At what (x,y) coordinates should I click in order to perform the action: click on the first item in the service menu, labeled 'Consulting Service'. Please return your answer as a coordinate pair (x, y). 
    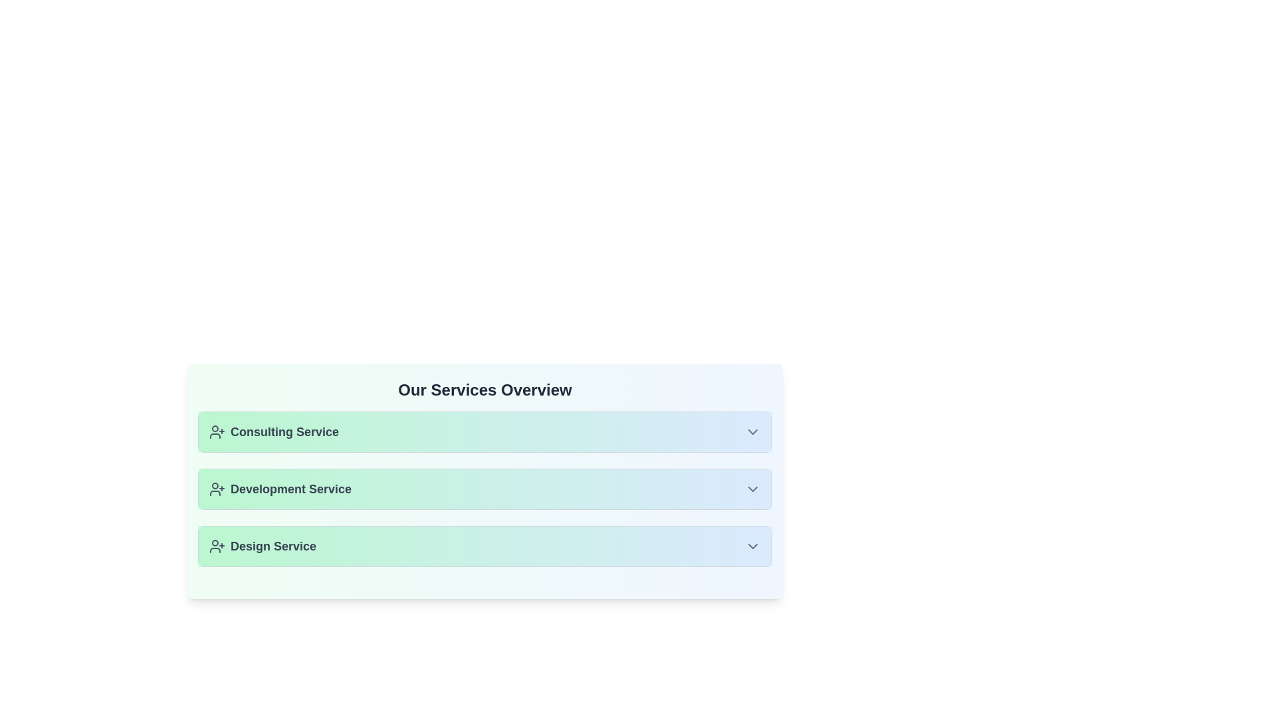
    Looking at the image, I should click on (484, 432).